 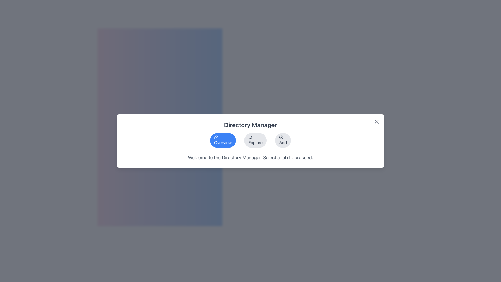 What do you see at coordinates (250, 157) in the screenshot?
I see `the guidance Text Label located at the lower portion of the modal box, directly beneath the tabs labeled 'Overview', 'Explore', and 'Add'` at bounding box center [250, 157].